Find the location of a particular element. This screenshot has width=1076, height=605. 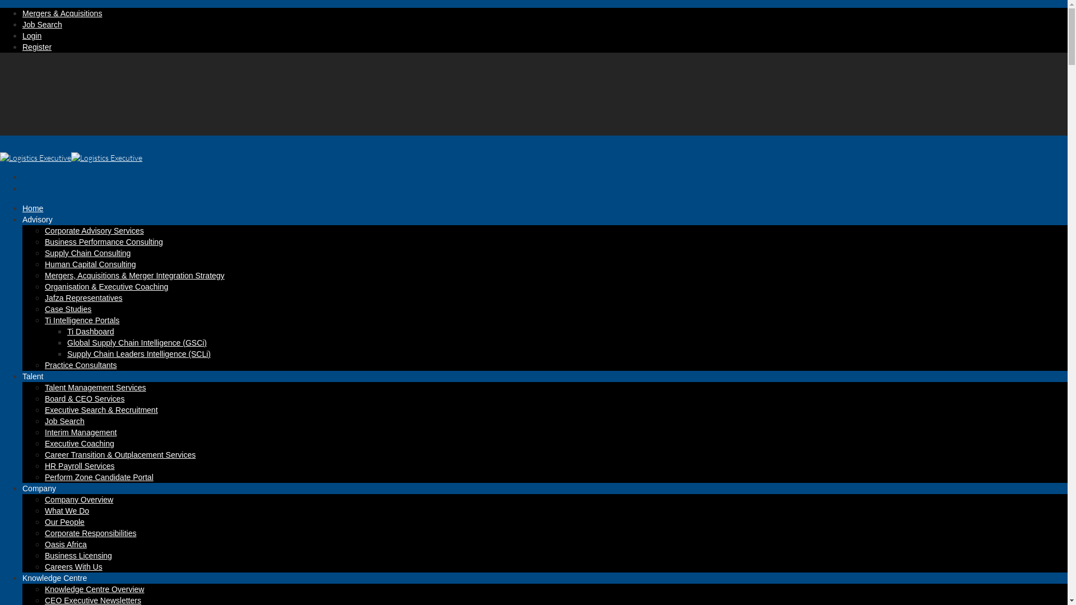

'Mergers, Acquisitions & Merger Integration Strategy' is located at coordinates (134, 276).